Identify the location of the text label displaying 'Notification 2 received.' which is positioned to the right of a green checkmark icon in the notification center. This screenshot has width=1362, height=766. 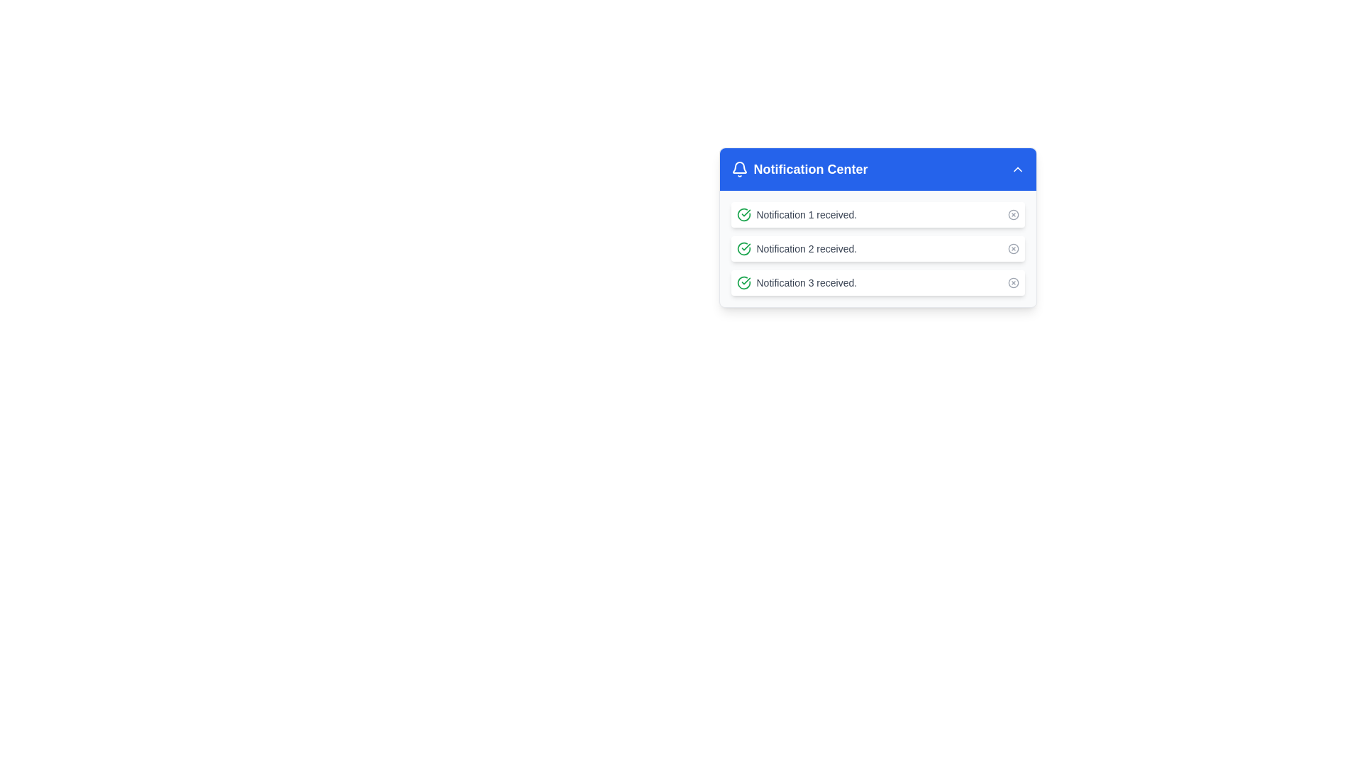
(807, 248).